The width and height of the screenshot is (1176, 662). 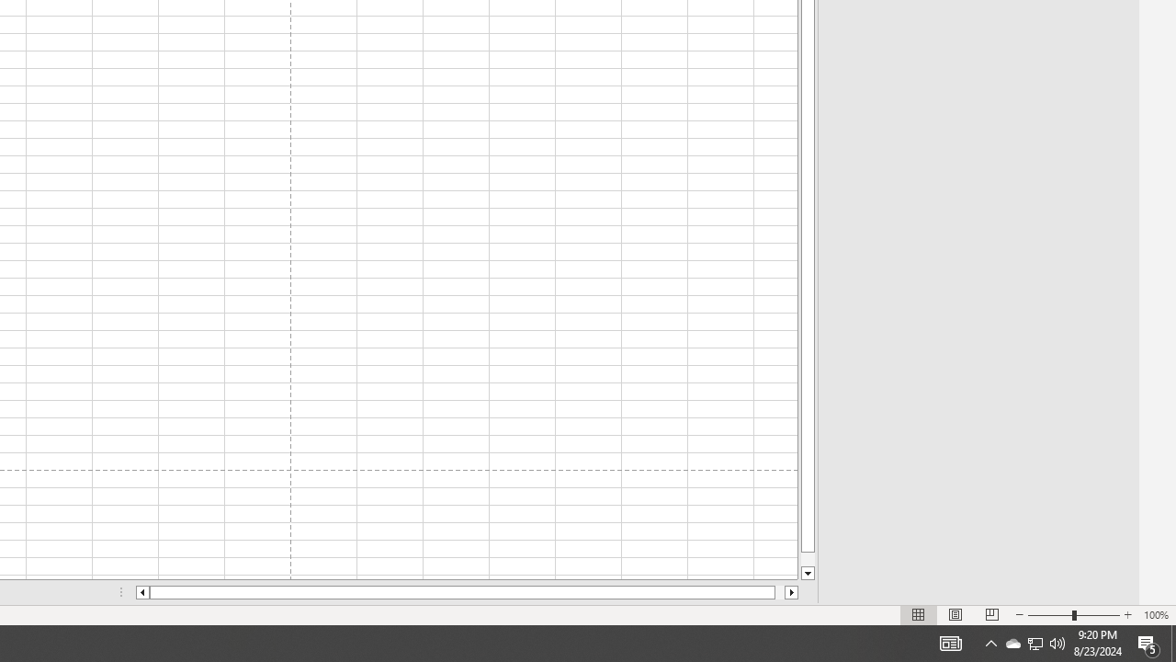 I want to click on 'Normal', so click(x=919, y=615).